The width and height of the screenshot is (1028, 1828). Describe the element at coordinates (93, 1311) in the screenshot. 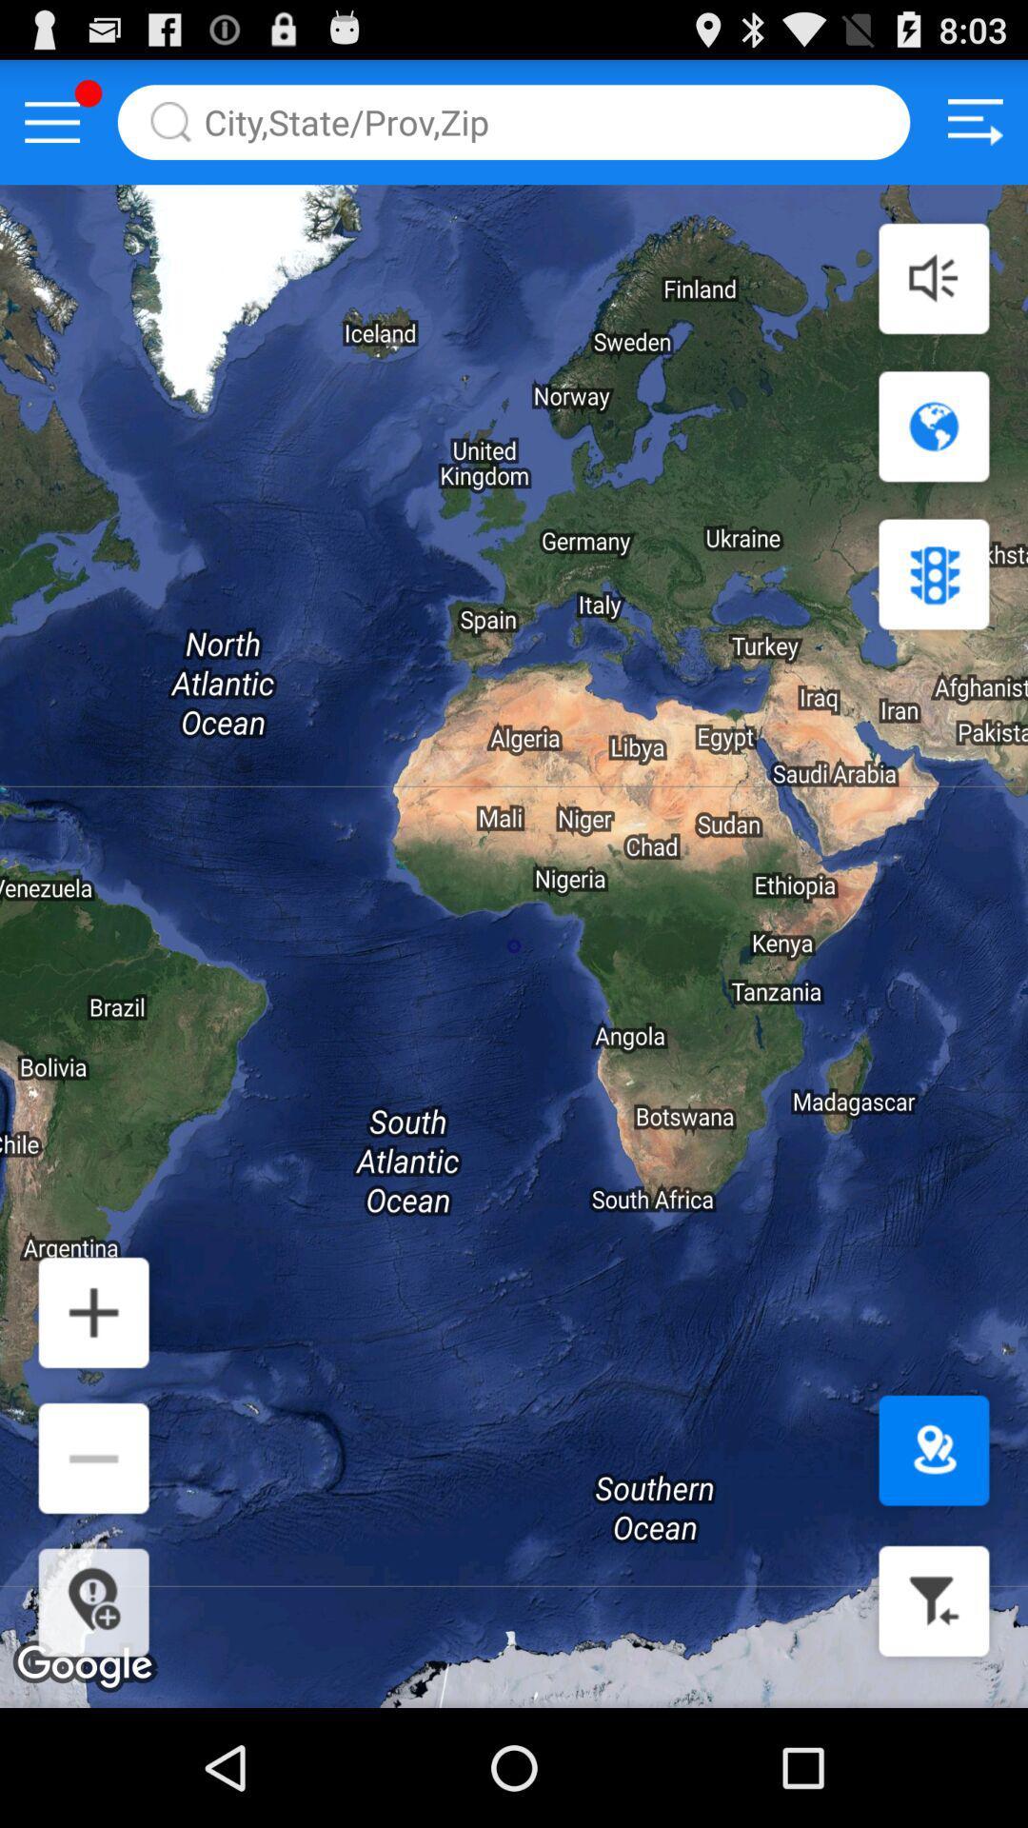

I see `the  icon at the left bottom of the page` at that location.